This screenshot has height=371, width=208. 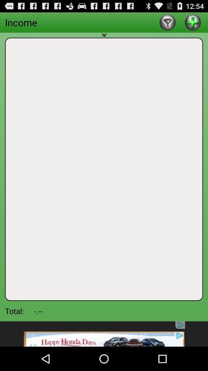 What do you see at coordinates (104, 37) in the screenshot?
I see `minimize this tab` at bounding box center [104, 37].